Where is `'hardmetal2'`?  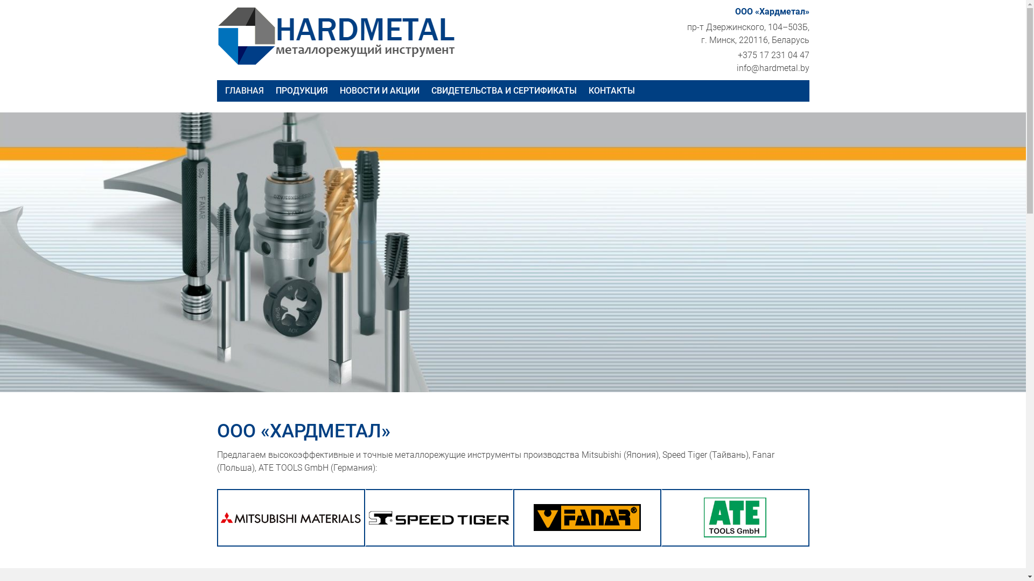
'hardmetal2' is located at coordinates (216, 35).